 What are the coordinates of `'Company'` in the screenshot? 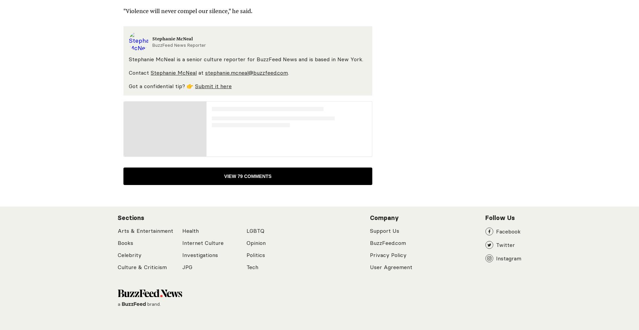 It's located at (384, 218).